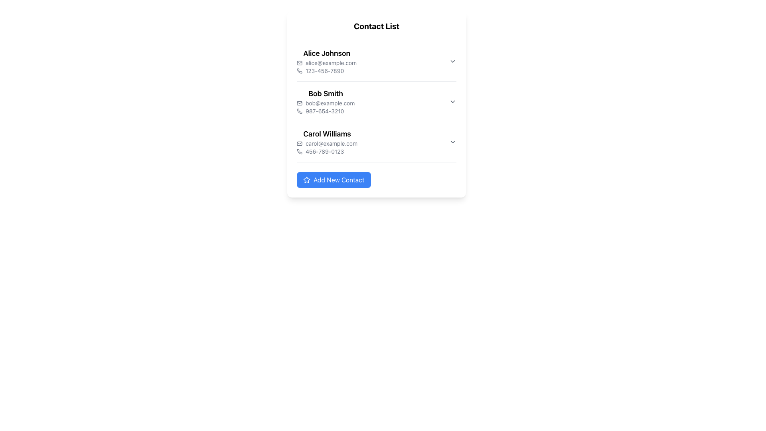  I want to click on name 'Bob Smith' displayed in bold text as the second contact entry in the list, so click(326, 93).